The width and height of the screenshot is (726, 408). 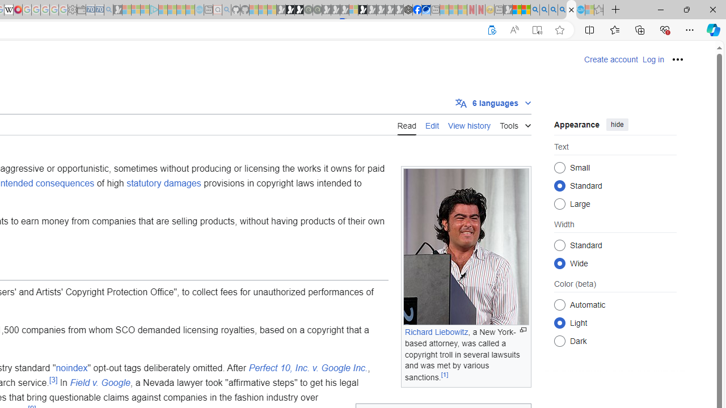 I want to click on 'Support Wikipedia?', so click(x=492, y=29).